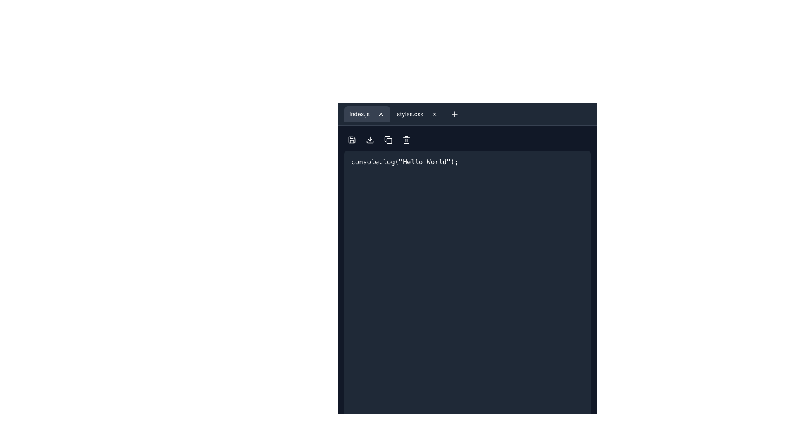 The width and height of the screenshot is (794, 447). Describe the element at coordinates (380, 114) in the screenshot. I see `the small 'X' icon button, which is outlined in white and designed for closing actions, located between the 'index.js' and 'styles.css' tabs in the tab bar` at that location.